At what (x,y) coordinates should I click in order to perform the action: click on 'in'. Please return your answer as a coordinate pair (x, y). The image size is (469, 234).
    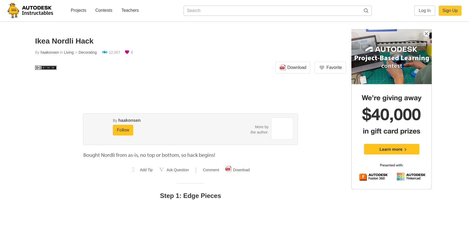
    Looking at the image, I should click on (61, 52).